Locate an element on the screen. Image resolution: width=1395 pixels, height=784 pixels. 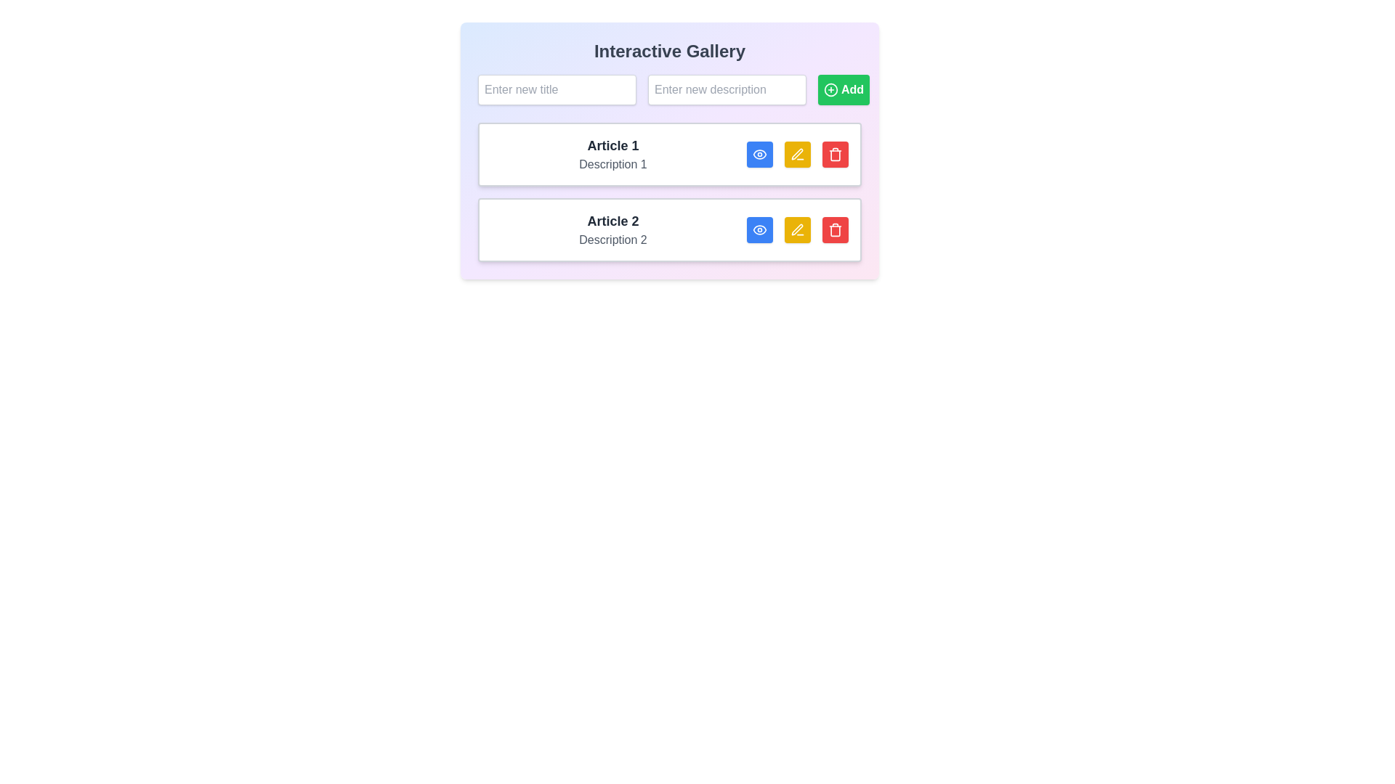
text content of the label displaying 'Description 1' in gray, located below 'Article 1' in the first card of the Interactive Gallery interface is located at coordinates (613, 164).